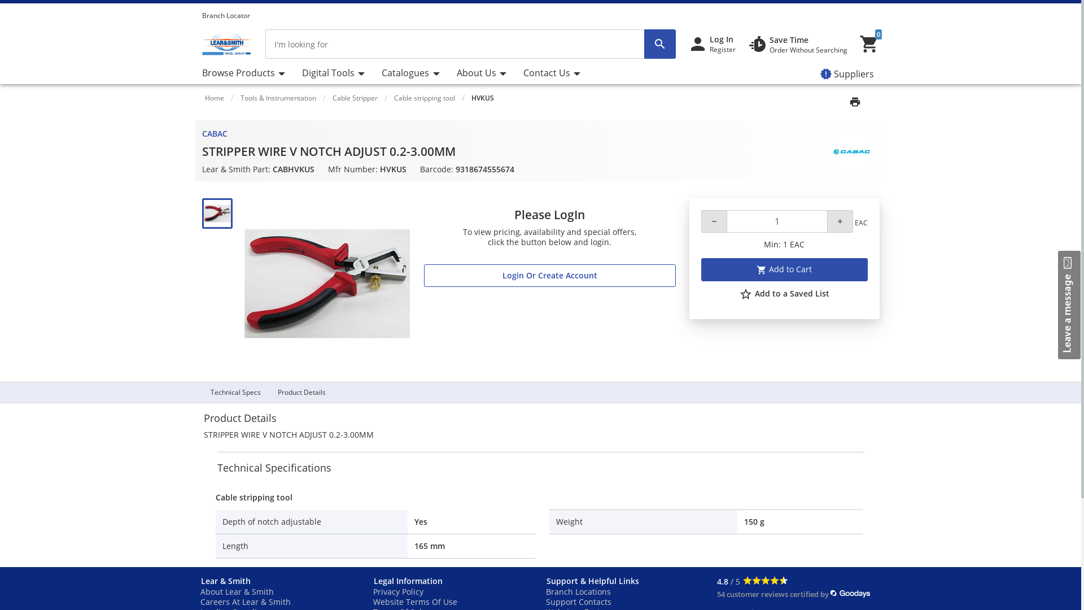 The width and height of the screenshot is (1084, 610). I want to click on 'Cable Stripper', so click(331, 97).